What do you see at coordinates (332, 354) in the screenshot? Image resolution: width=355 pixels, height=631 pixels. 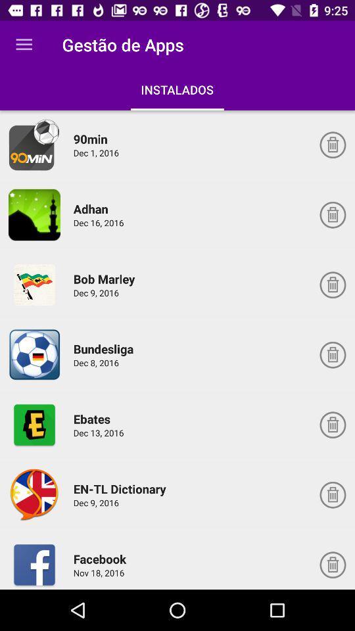 I see `delete bundesliga` at bounding box center [332, 354].